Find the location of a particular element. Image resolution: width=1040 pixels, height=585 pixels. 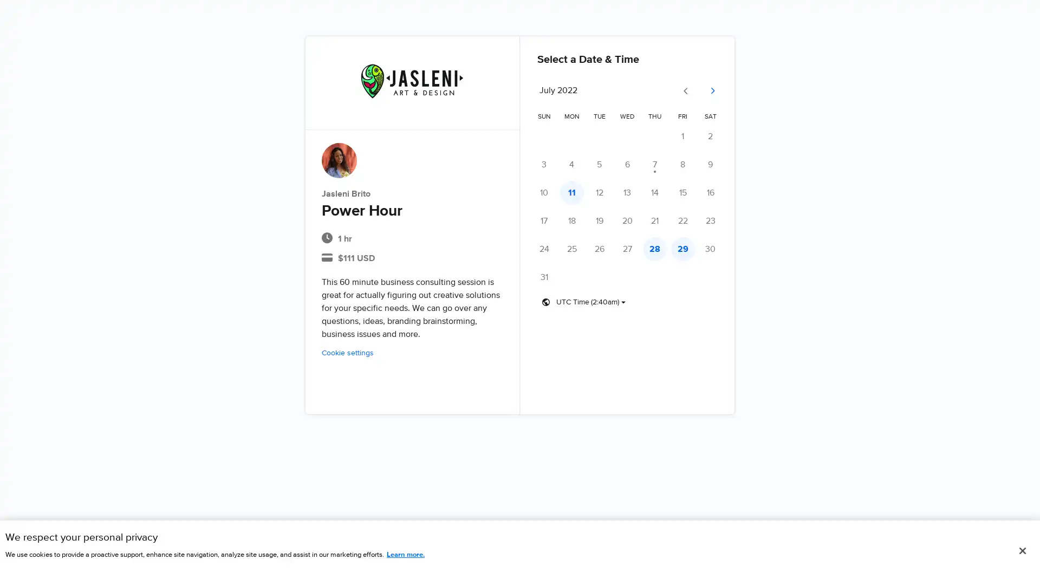

Sunday, July 17 - No times available is located at coordinates (543, 220).